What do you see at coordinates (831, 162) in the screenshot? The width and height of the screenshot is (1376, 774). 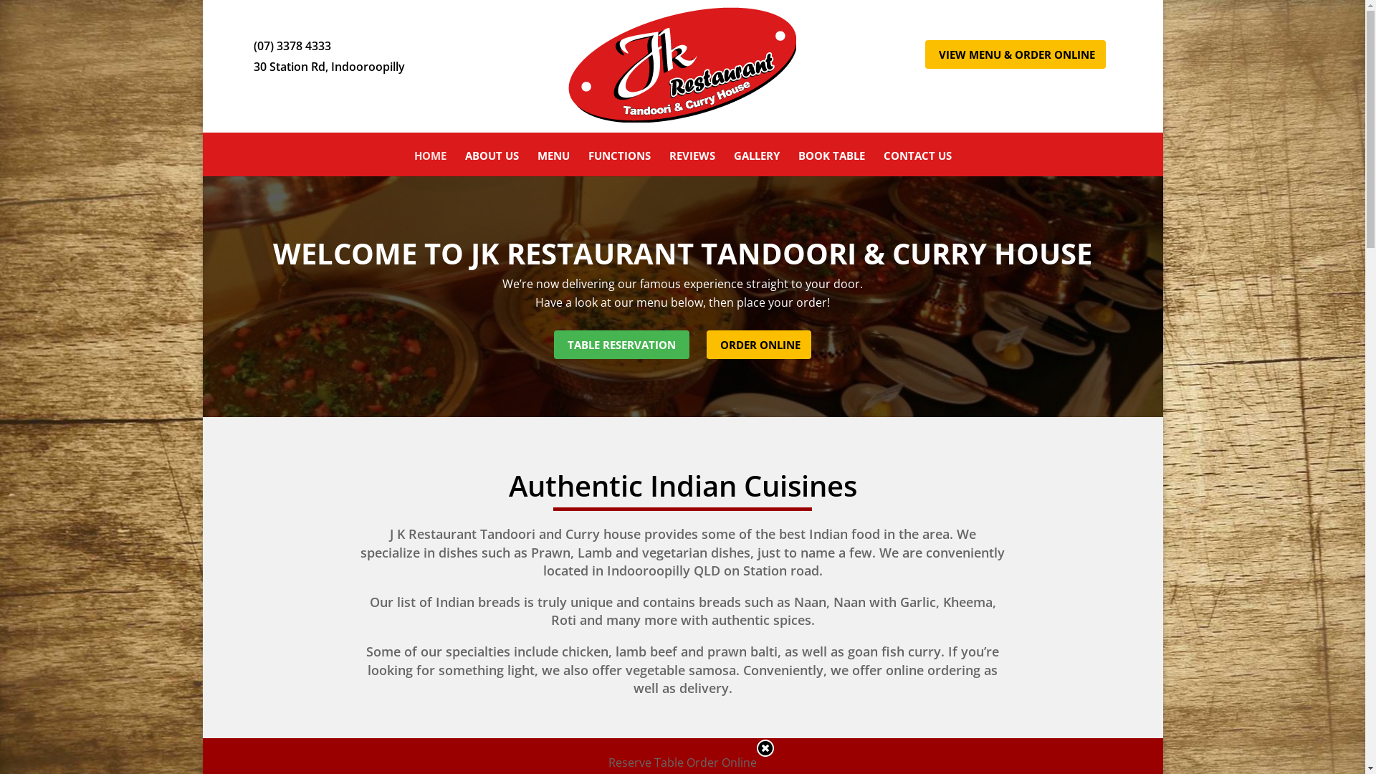 I see `'BOOK TABLE'` at bounding box center [831, 162].